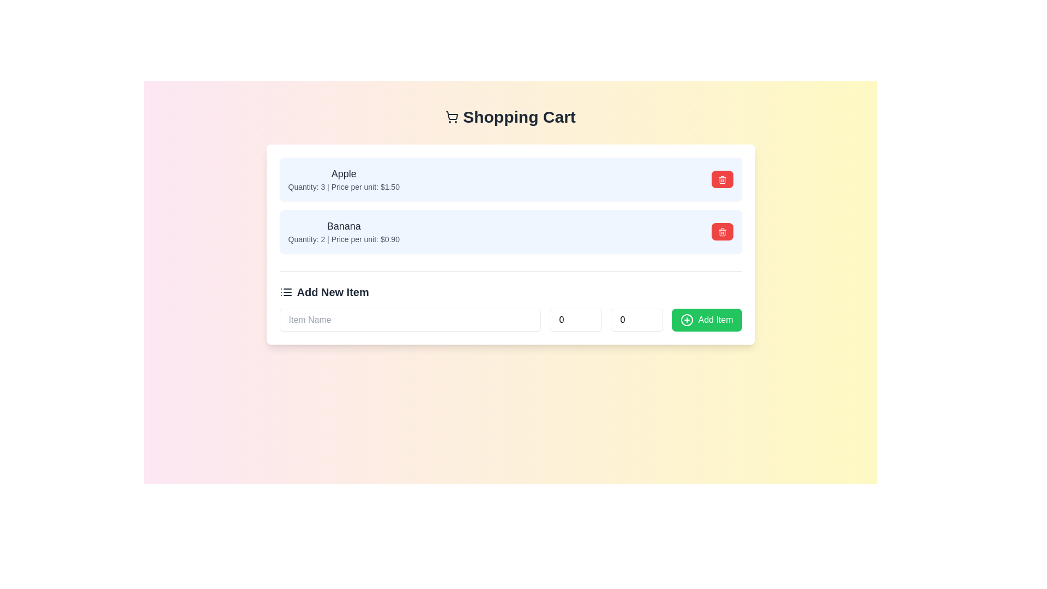 The height and width of the screenshot is (589, 1047). What do you see at coordinates (722, 178) in the screenshot?
I see `the delete button located on the right side of the 'Apple' item in the shopping cart` at bounding box center [722, 178].